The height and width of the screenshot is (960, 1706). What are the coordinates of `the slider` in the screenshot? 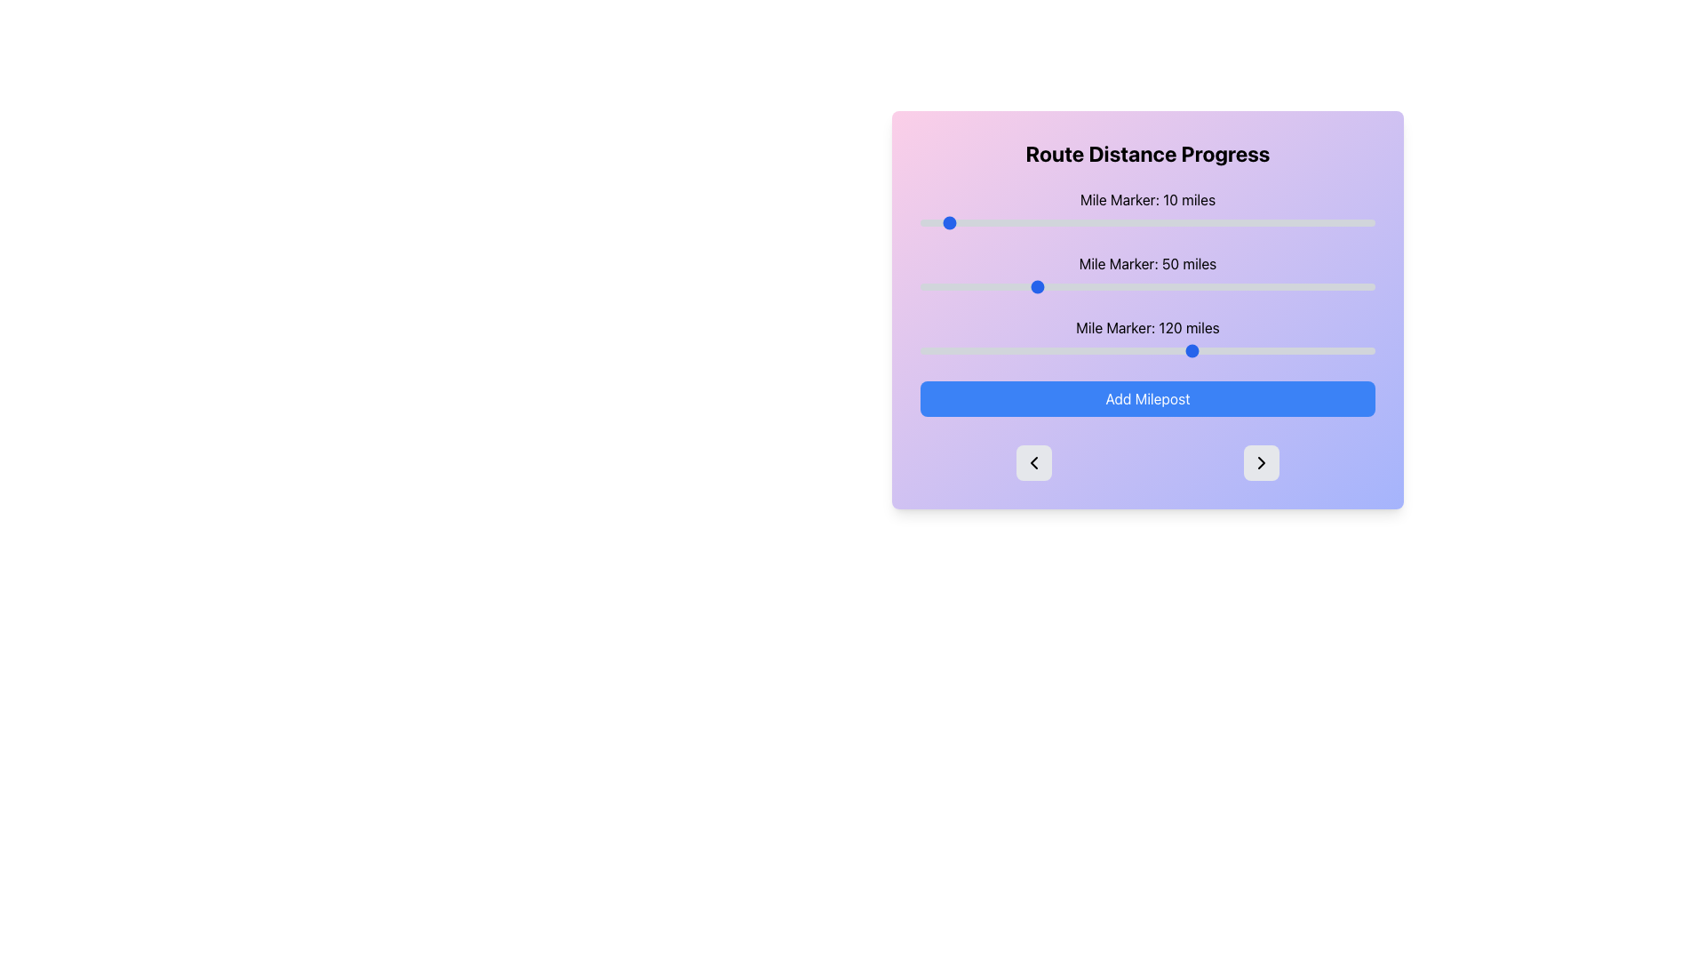 It's located at (929, 221).